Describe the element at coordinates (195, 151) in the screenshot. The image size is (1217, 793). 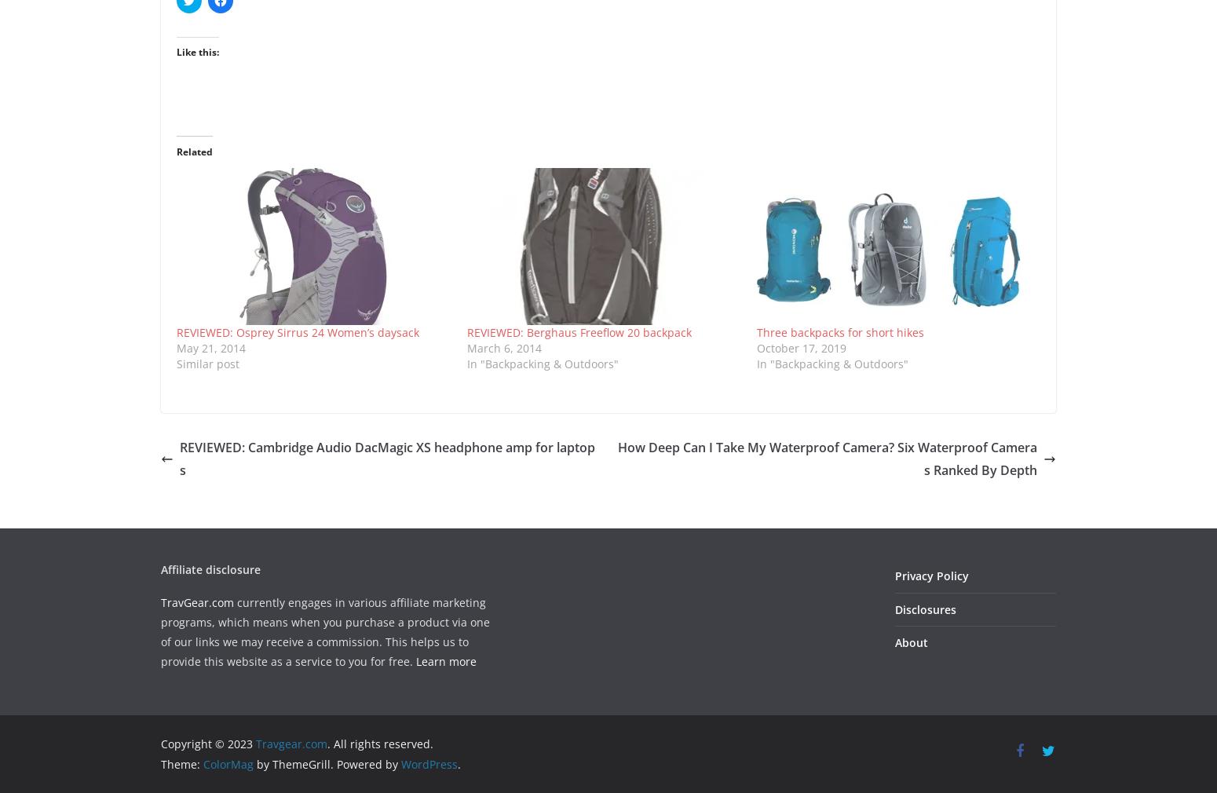
I see `'Related'` at that location.